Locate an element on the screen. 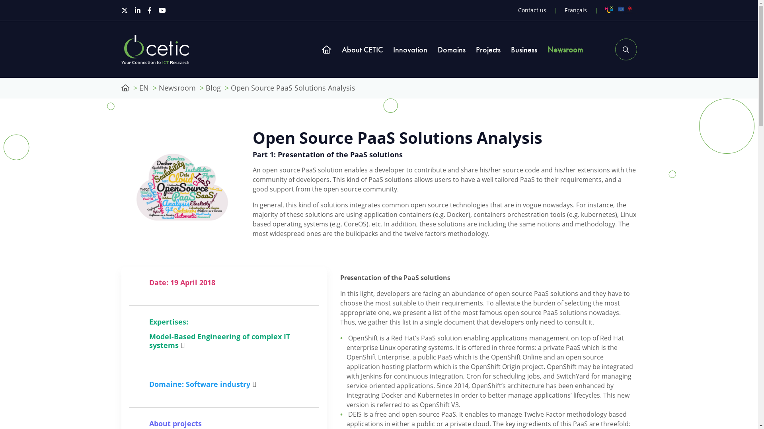  'Business' is located at coordinates (524, 49).